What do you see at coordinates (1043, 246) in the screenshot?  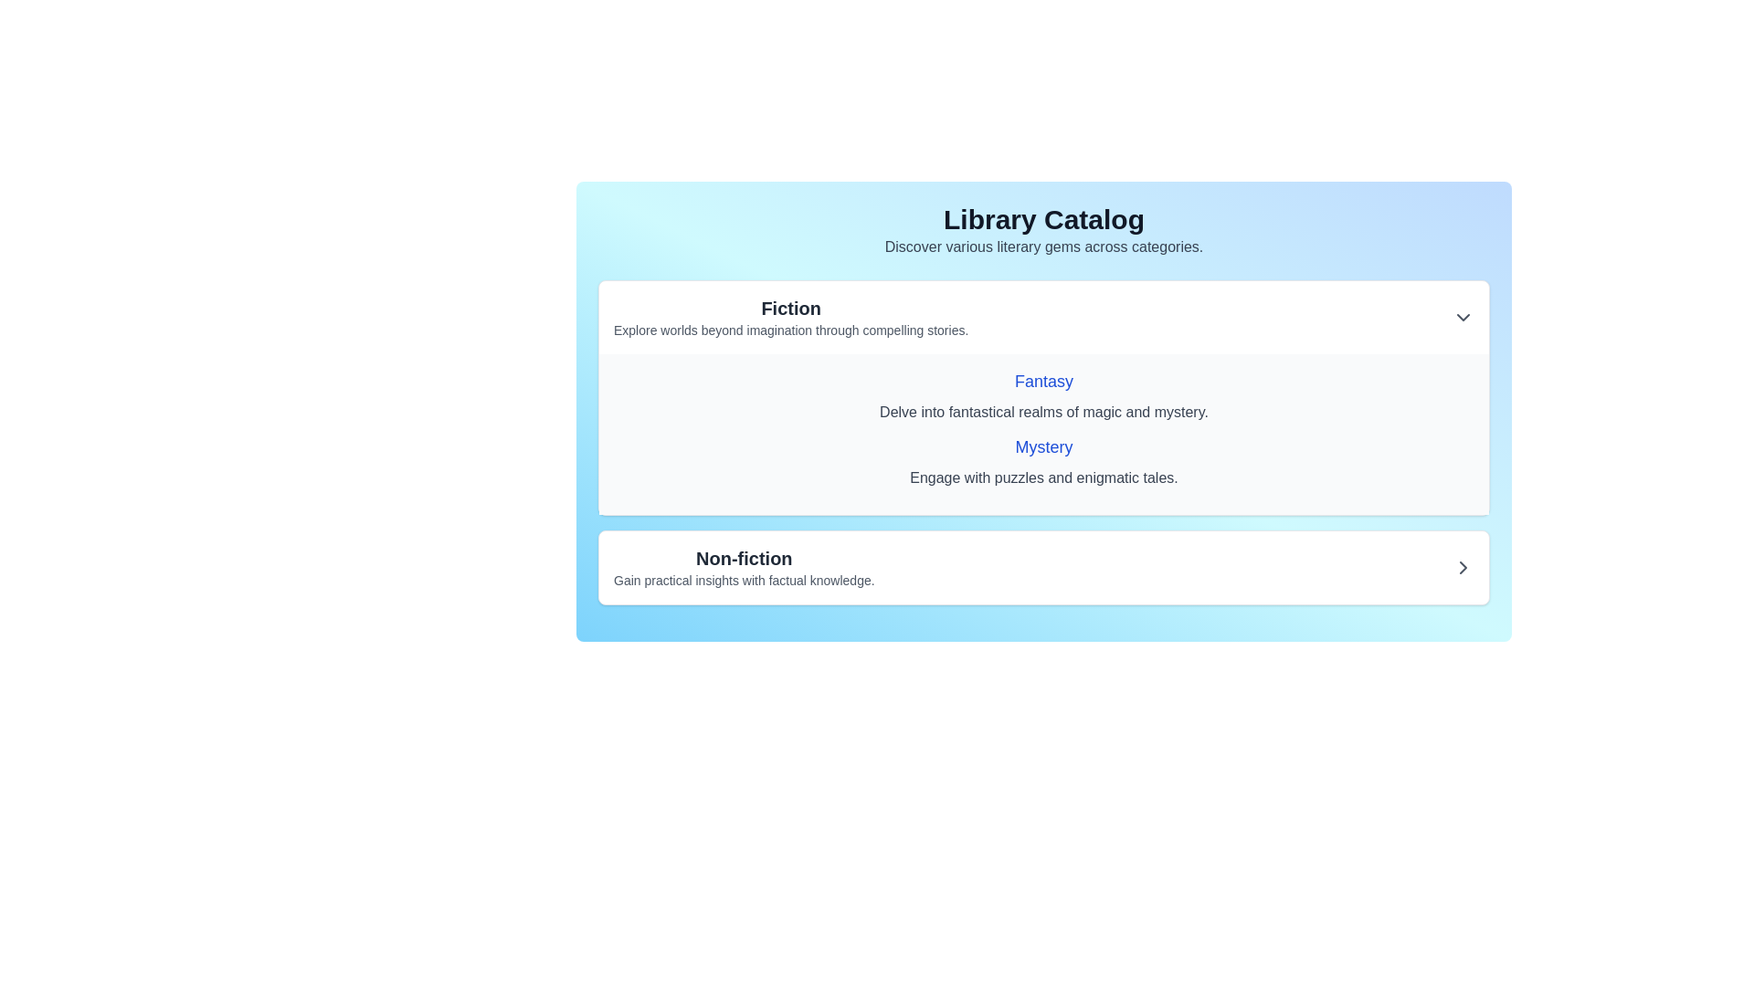 I see `text displaying 'Discover various literary gems across categories.' which is styled with medium-sized, gray text and positioned below the 'Library Catalog' title` at bounding box center [1043, 246].